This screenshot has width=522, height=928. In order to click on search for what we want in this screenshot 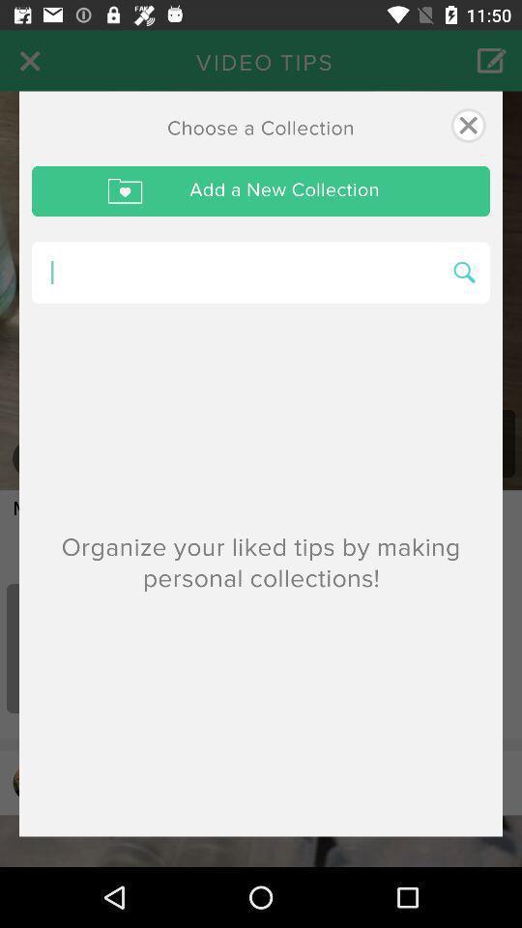, I will do `click(235, 272)`.